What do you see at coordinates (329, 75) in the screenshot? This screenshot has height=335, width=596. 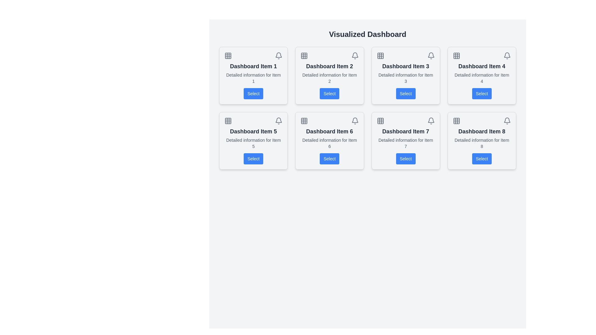 I see `the second card in the primary grid layout, which contains a header with two icons, a bold title 'Dashboard Item 2', and a blue 'Select' button` at bounding box center [329, 75].